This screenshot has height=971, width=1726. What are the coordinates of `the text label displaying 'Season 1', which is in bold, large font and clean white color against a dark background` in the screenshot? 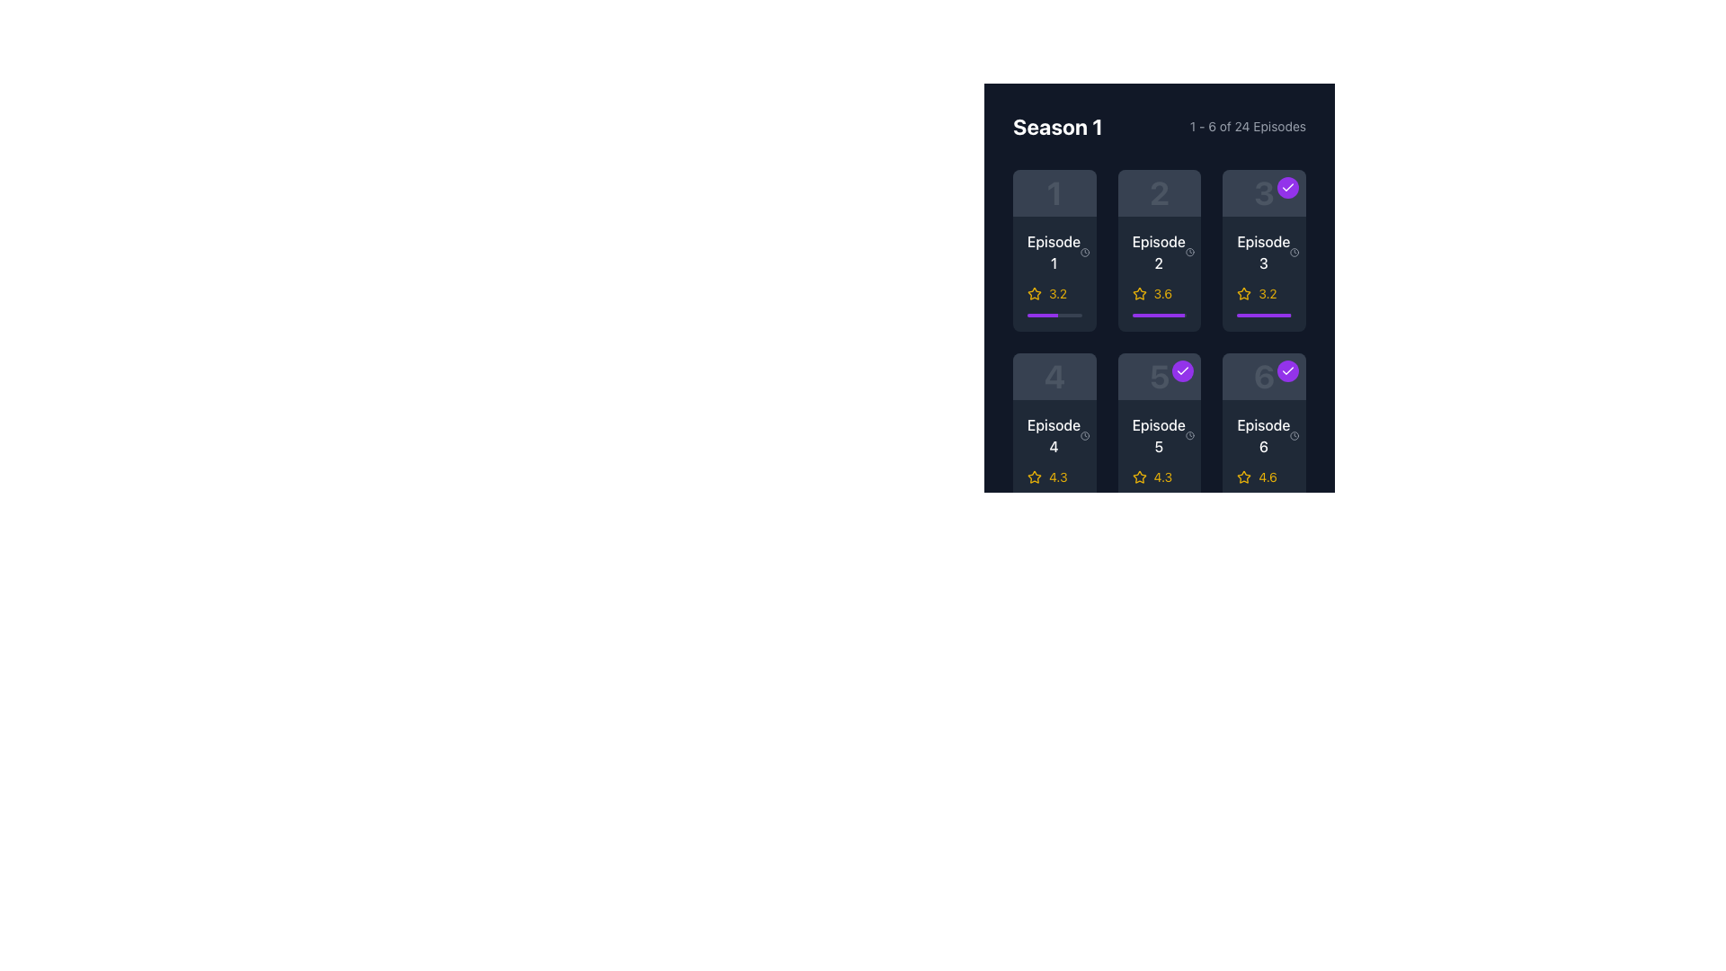 It's located at (1057, 126).